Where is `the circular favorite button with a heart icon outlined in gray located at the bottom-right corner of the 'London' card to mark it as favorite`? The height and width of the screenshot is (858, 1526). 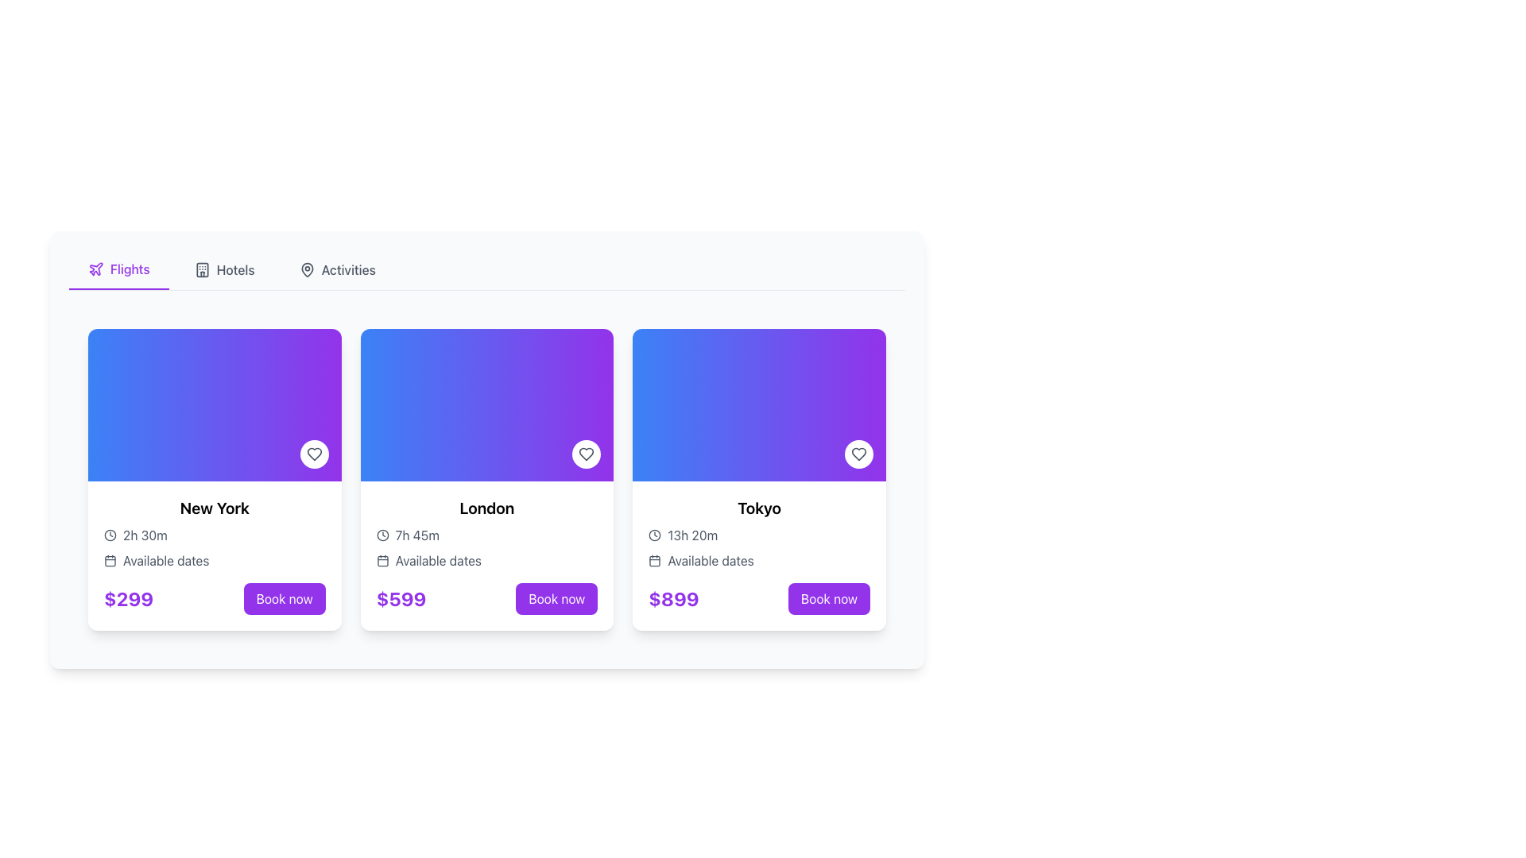 the circular favorite button with a heart icon outlined in gray located at the bottom-right corner of the 'London' card to mark it as favorite is located at coordinates (586, 454).